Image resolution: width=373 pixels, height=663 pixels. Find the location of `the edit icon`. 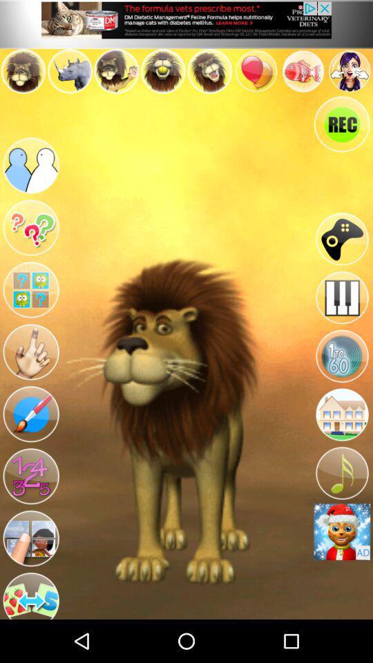

the edit icon is located at coordinates (30, 443).